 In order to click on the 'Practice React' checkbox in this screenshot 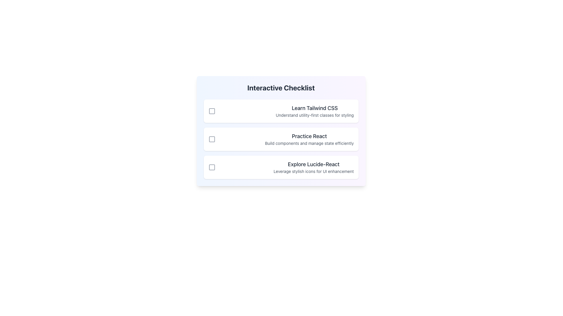, I will do `click(211, 139)`.